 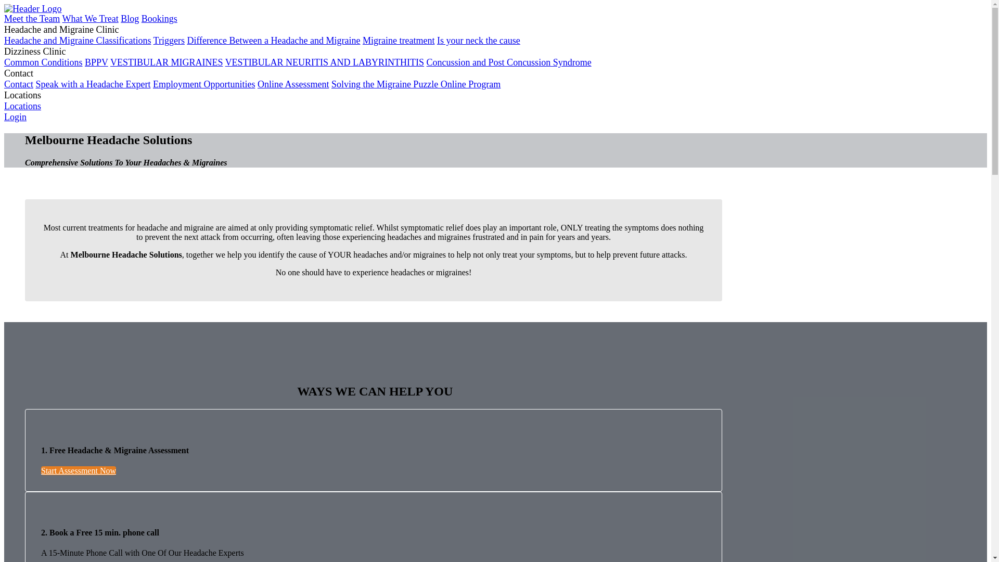 I want to click on 'Bookings', so click(x=141, y=18).